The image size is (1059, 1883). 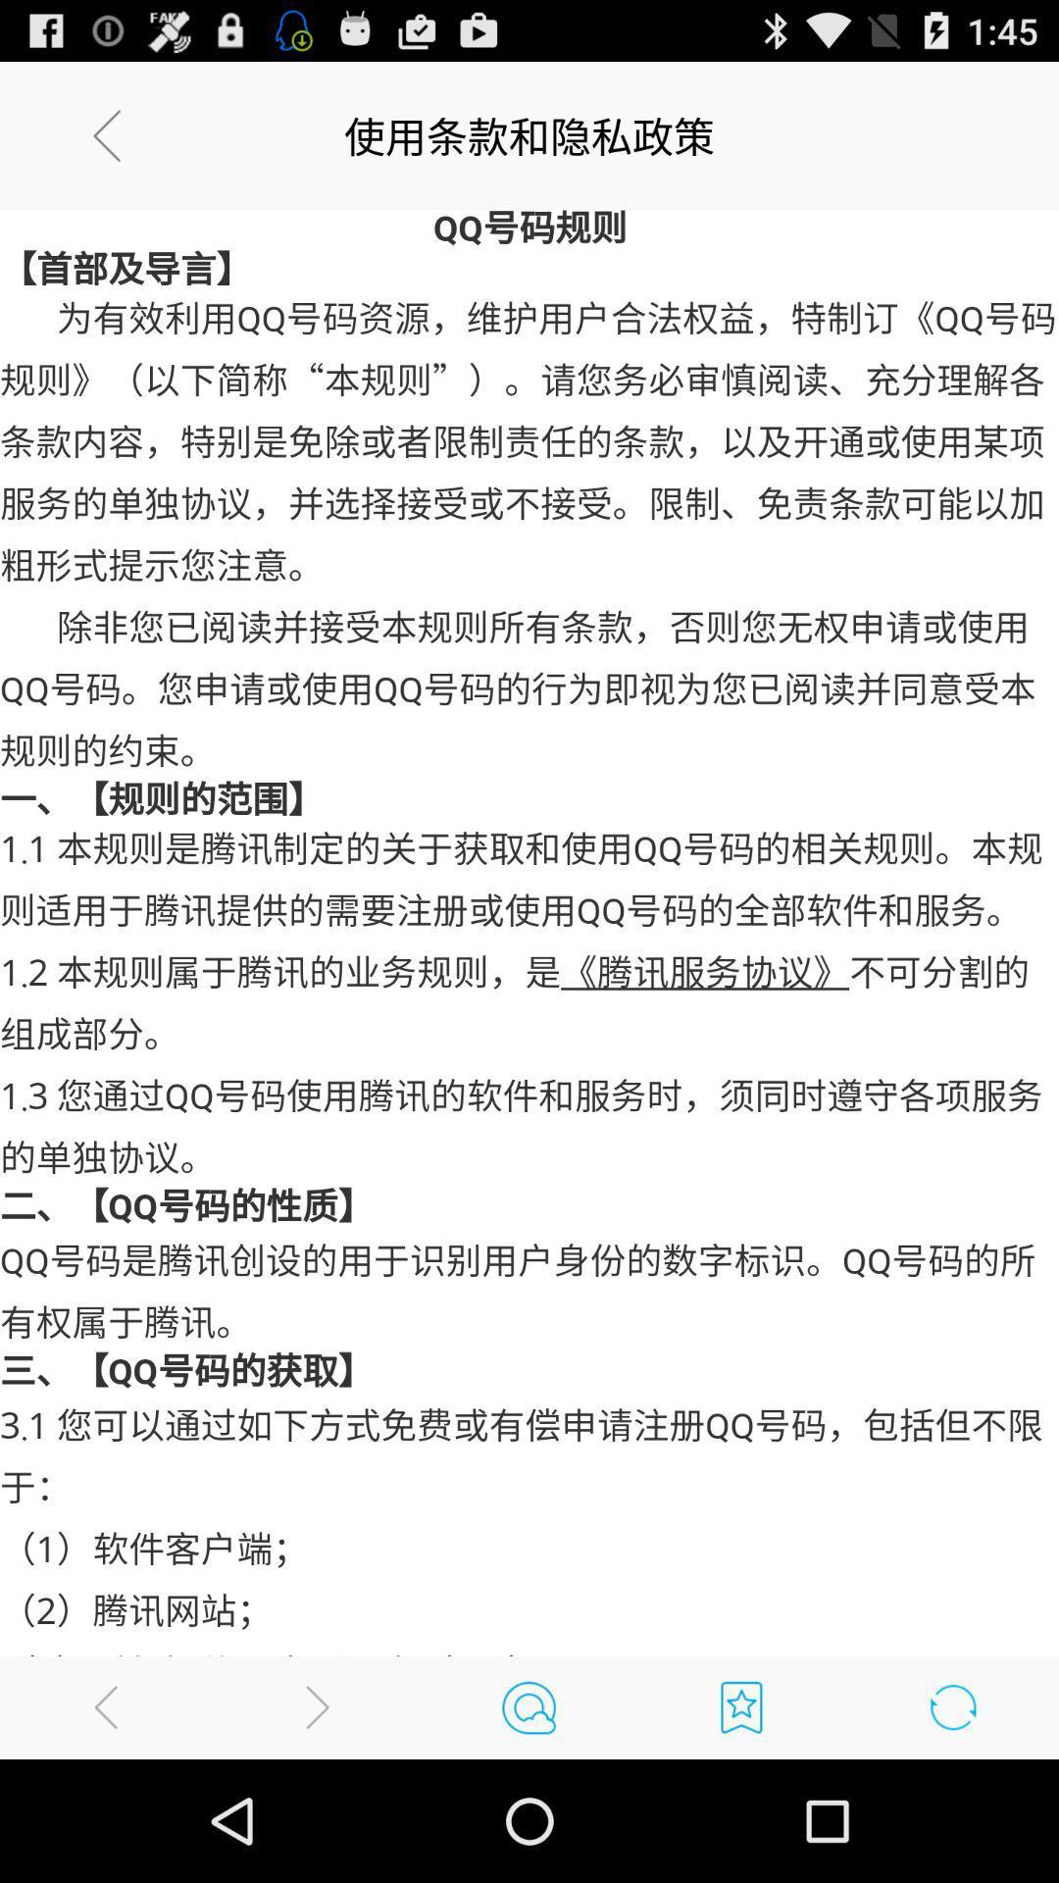 I want to click on the arrow_forward icon, so click(x=317, y=1826).